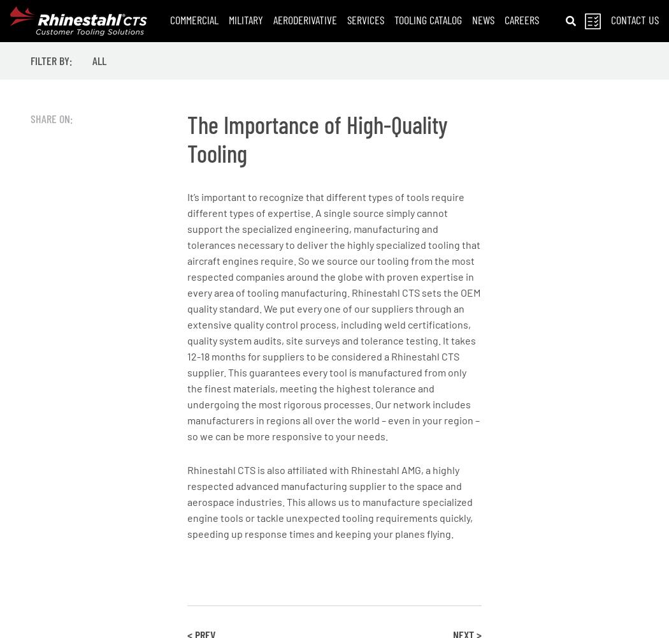 The width and height of the screenshot is (669, 638). I want to click on 'All', so click(99, 60).